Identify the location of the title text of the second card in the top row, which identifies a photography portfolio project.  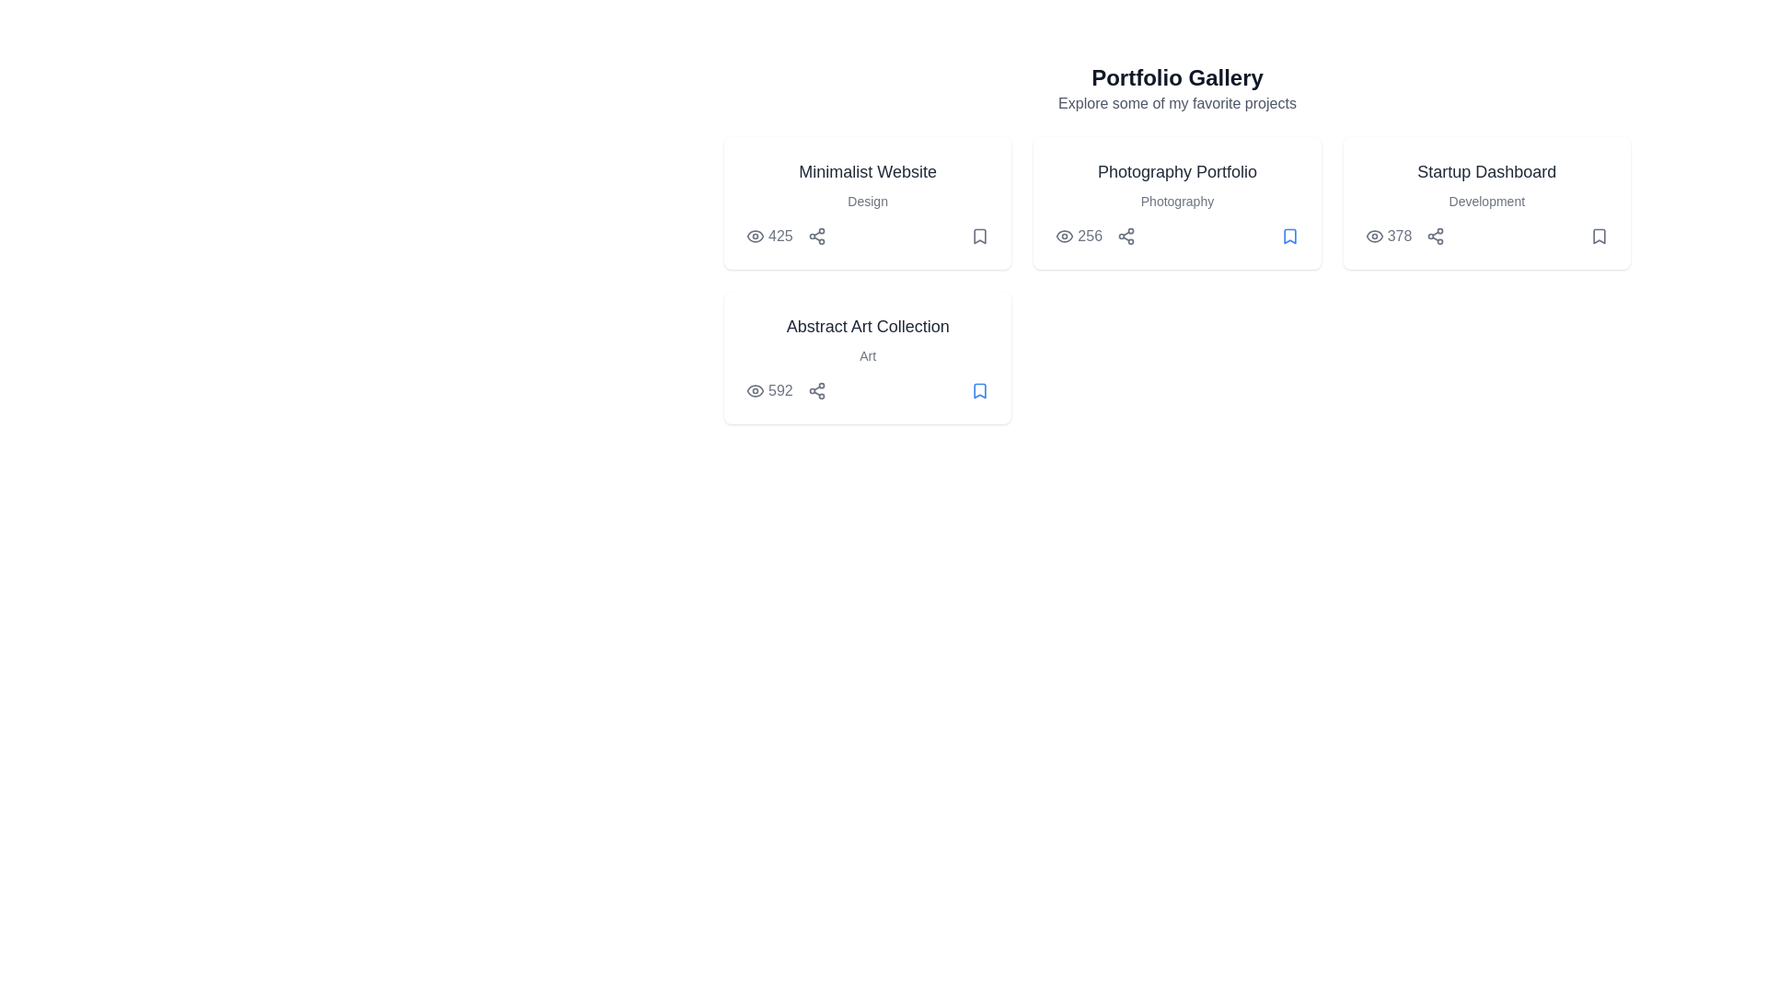
(1176, 171).